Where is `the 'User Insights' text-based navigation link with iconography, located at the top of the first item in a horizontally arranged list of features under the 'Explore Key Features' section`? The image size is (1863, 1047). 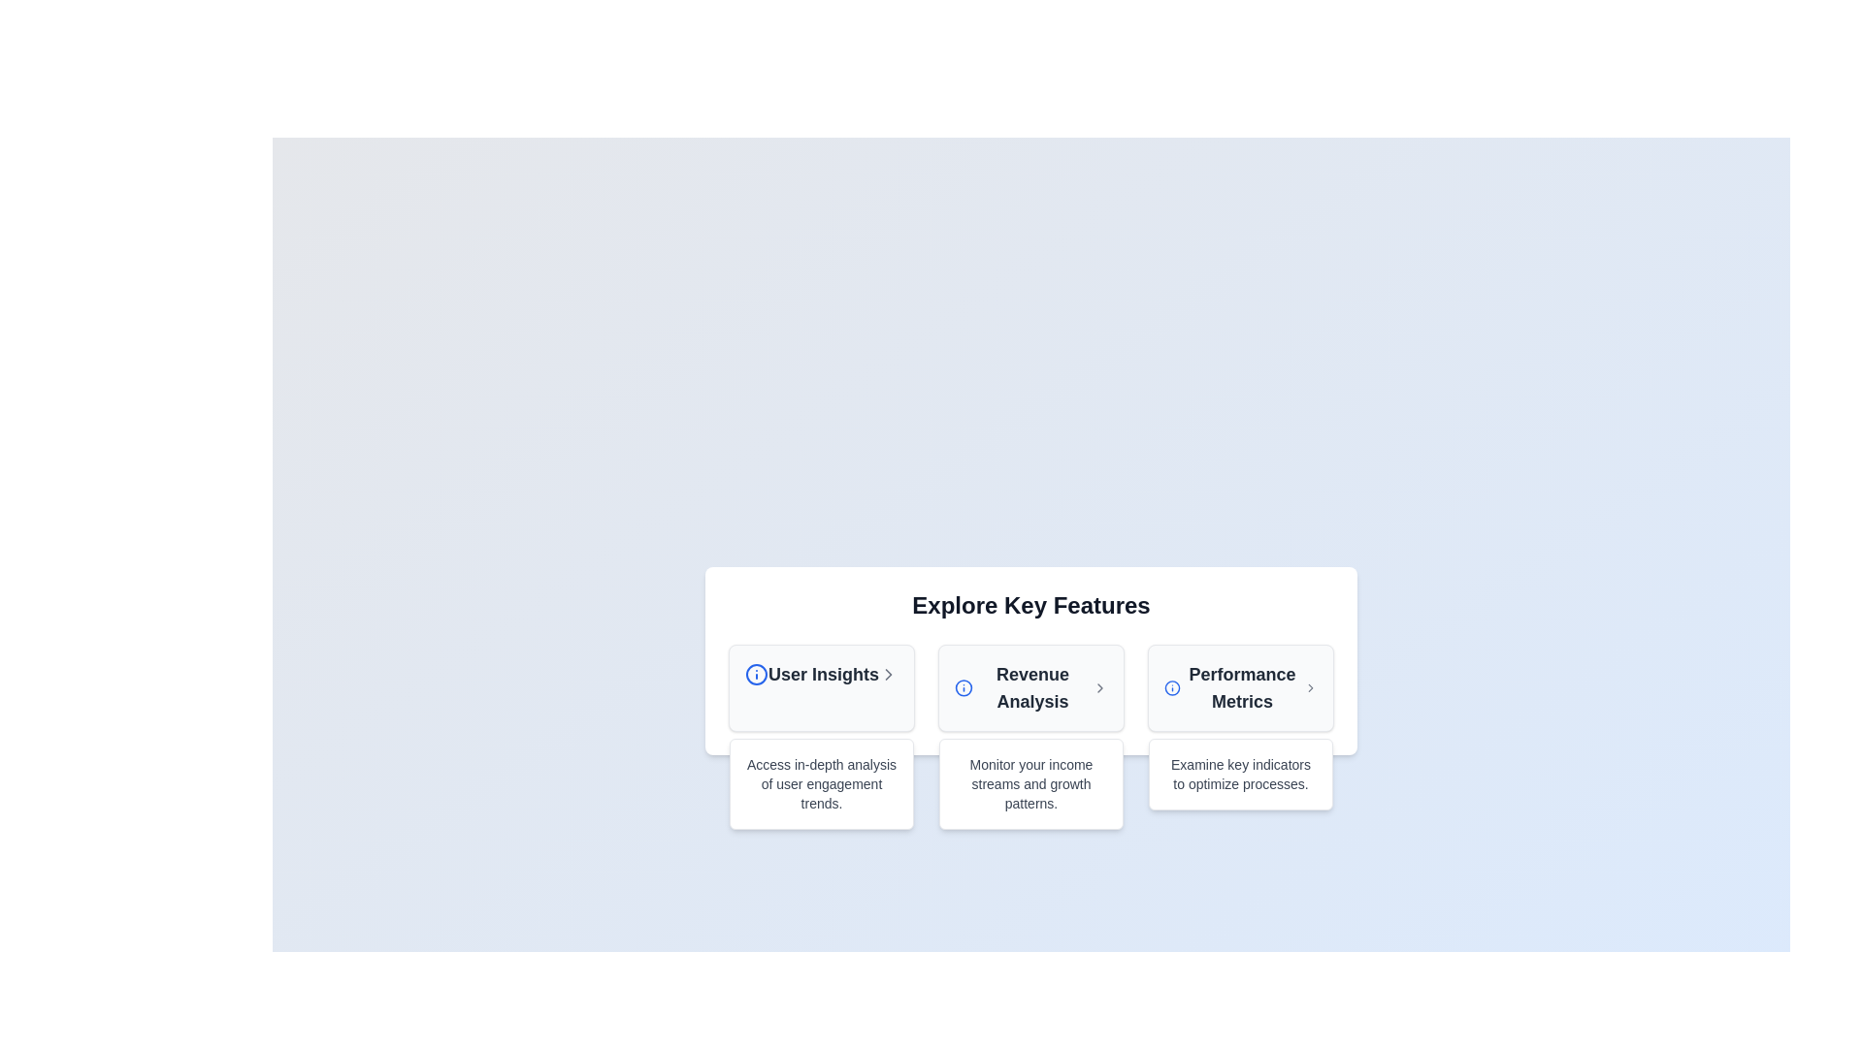 the 'User Insights' text-based navigation link with iconography, located at the top of the first item in a horizontally arranged list of features under the 'Explore Key Features' section is located at coordinates (821, 673).